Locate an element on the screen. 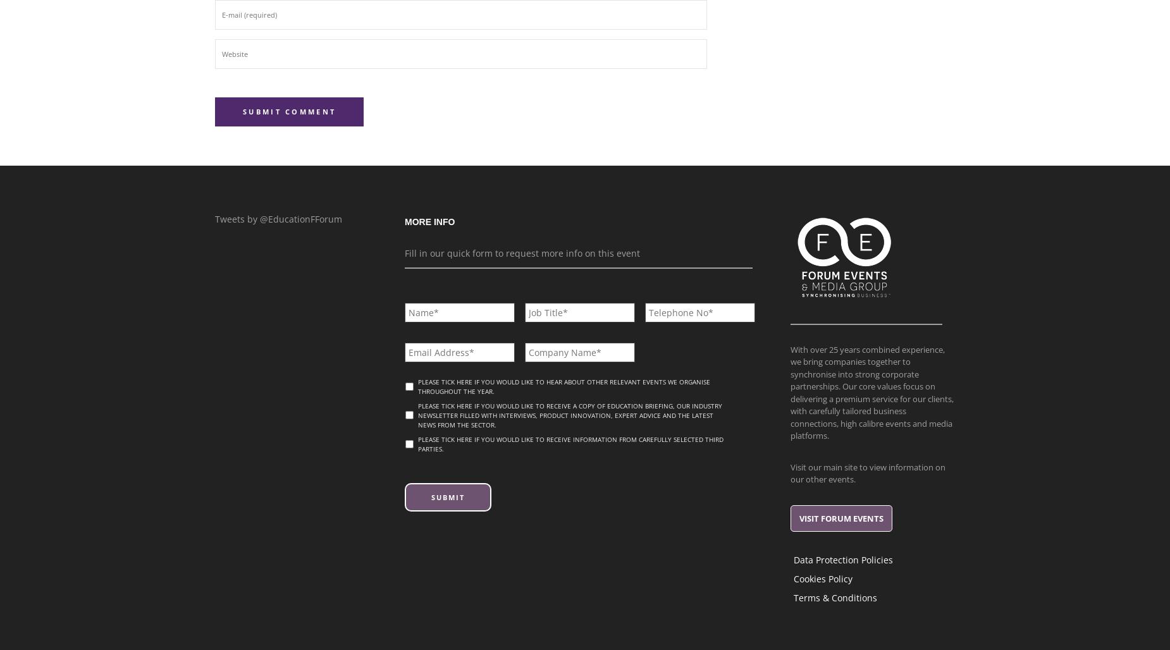 This screenshot has width=1170, height=650. 'Cookies Policy' is located at coordinates (822, 578).